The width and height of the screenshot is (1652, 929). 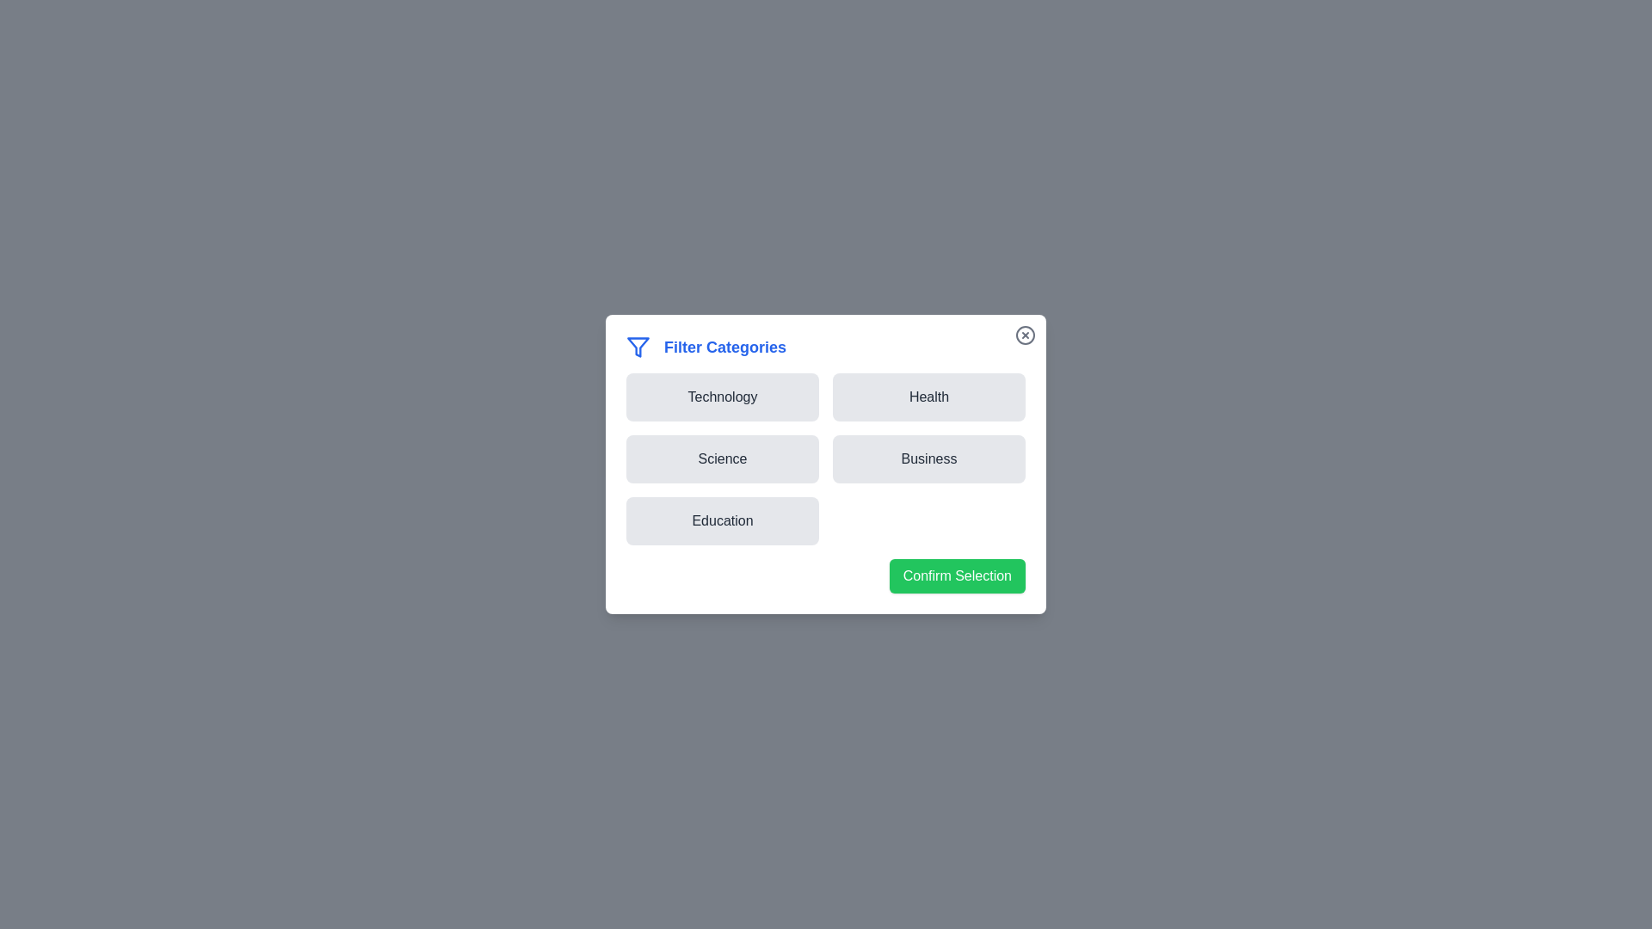 I want to click on the Technology button to observe its hover effect, so click(x=723, y=397).